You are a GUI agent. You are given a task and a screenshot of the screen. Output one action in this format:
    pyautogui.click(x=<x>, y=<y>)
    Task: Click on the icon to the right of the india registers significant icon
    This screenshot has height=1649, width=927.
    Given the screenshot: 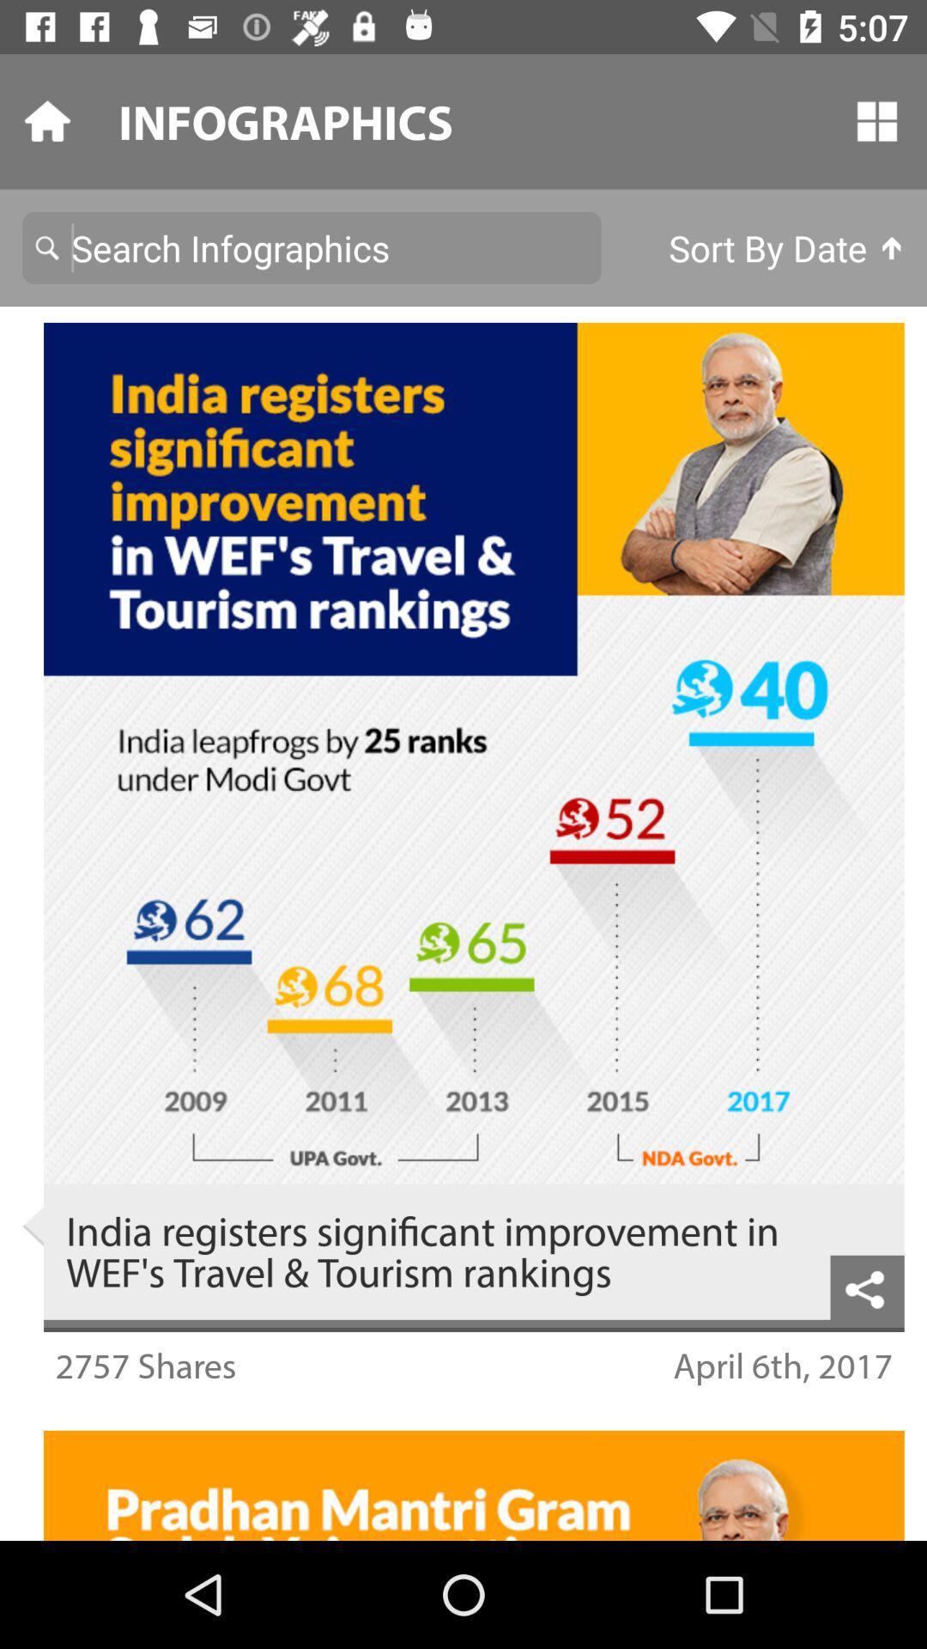 What is the action you would take?
    pyautogui.click(x=867, y=1287)
    